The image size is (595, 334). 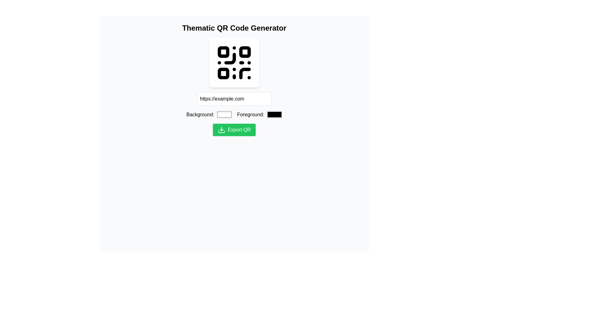 What do you see at coordinates (234, 63) in the screenshot?
I see `the QR code icon, which is a black graphical icon centered within a white card with rounded corners and drop shadows` at bounding box center [234, 63].